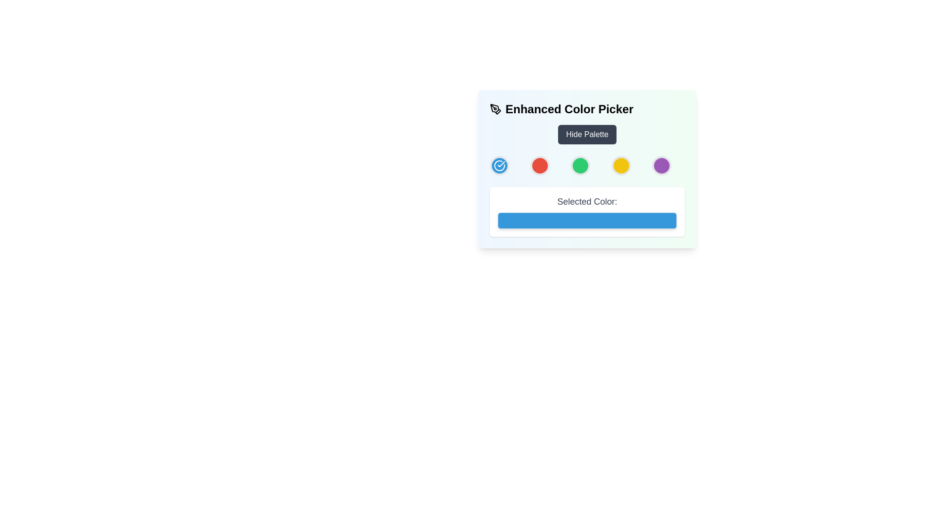  What do you see at coordinates (500, 165) in the screenshot?
I see `the circular icon with a blue background and a white checkmark symbol` at bounding box center [500, 165].